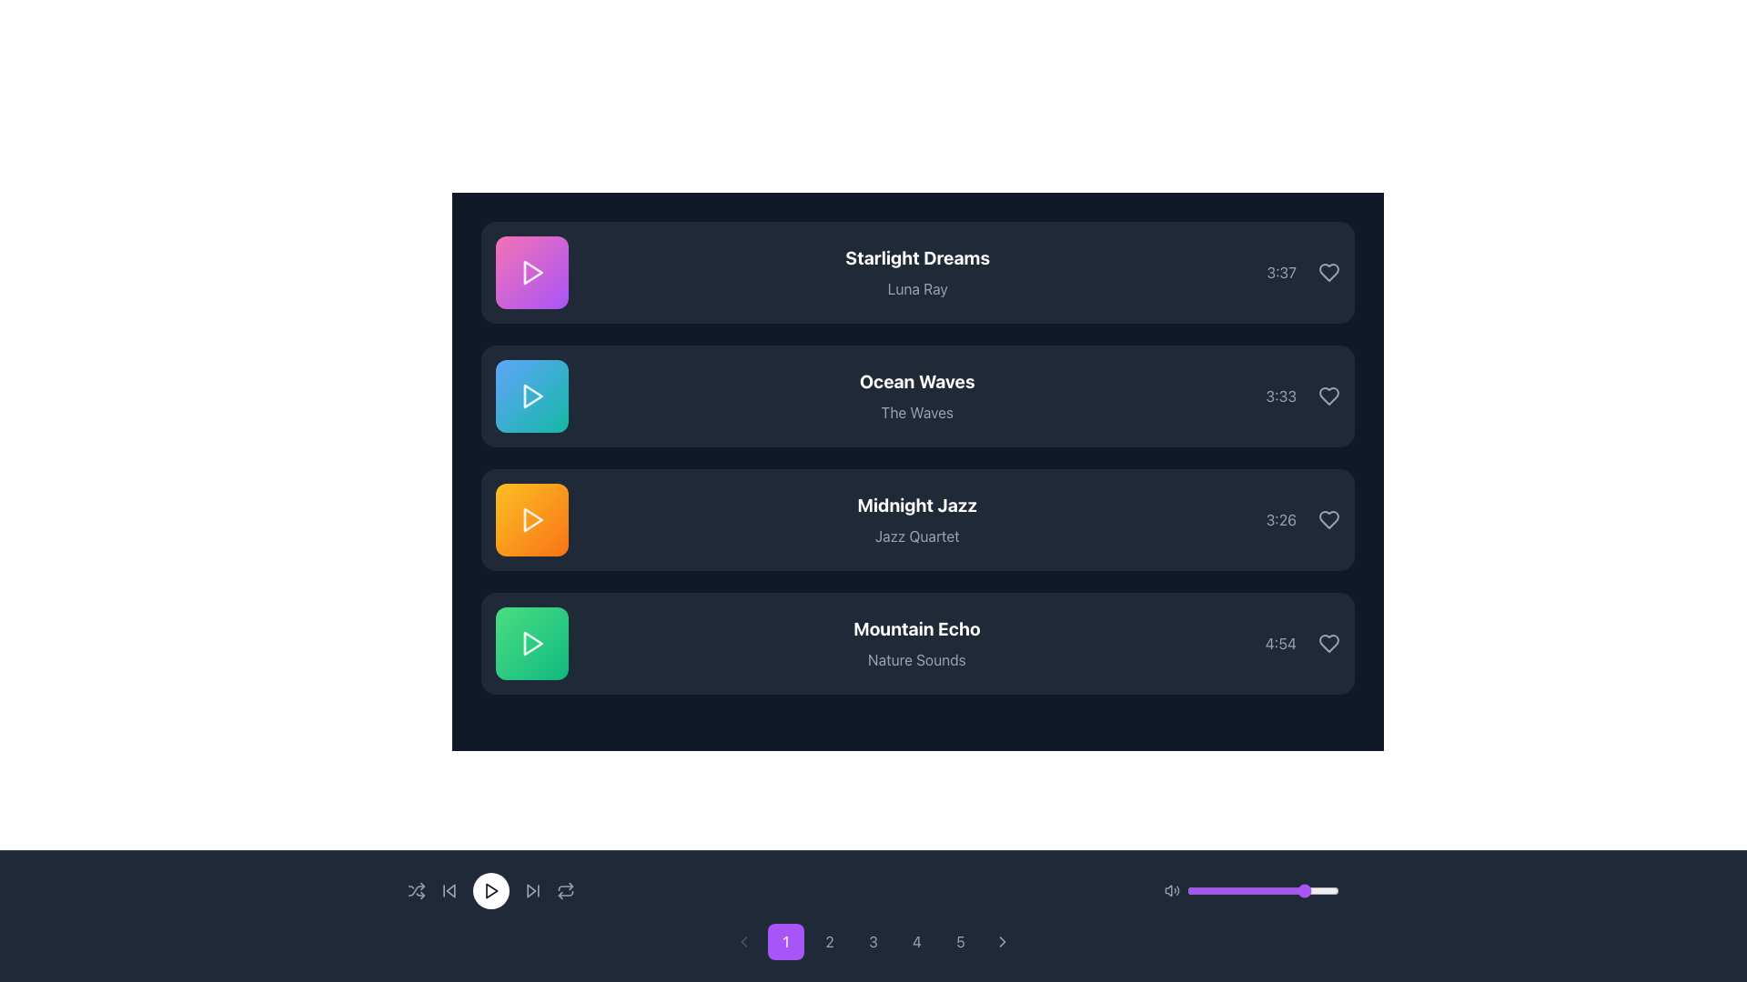 This screenshot has height=982, width=1747. Describe the element at coordinates (1328, 519) in the screenshot. I see `the heart icon button located in the rightmost area of the list item labeled 'Midnight Jazz'` at that location.